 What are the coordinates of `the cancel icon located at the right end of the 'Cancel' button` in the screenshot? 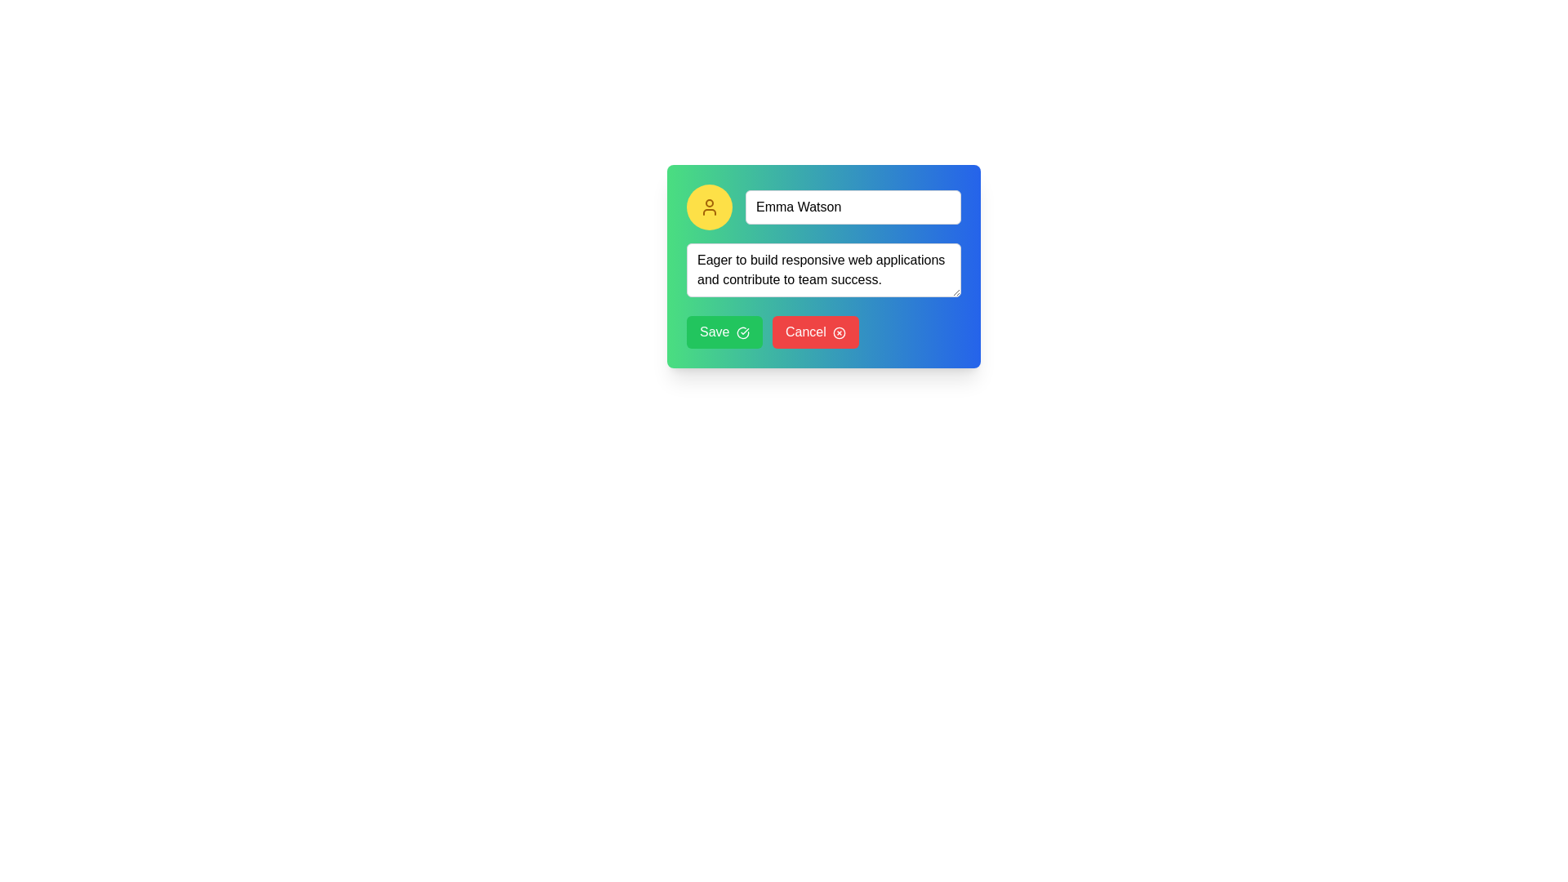 It's located at (840, 332).